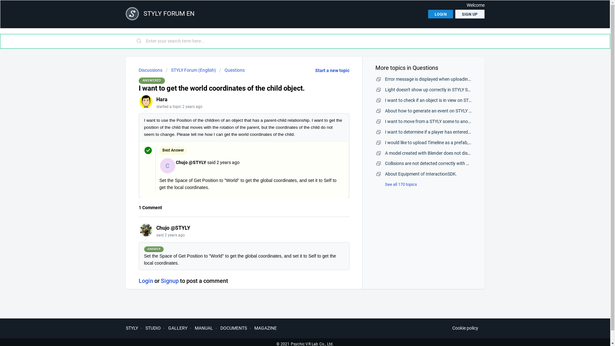 The width and height of the screenshot is (615, 346). Describe the element at coordinates (332, 70) in the screenshot. I see `'Start a new topic'` at that location.